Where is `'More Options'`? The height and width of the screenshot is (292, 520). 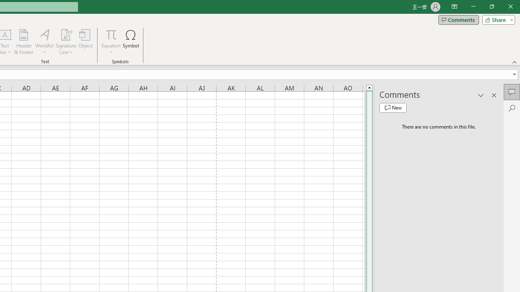 'More Options' is located at coordinates (110, 49).